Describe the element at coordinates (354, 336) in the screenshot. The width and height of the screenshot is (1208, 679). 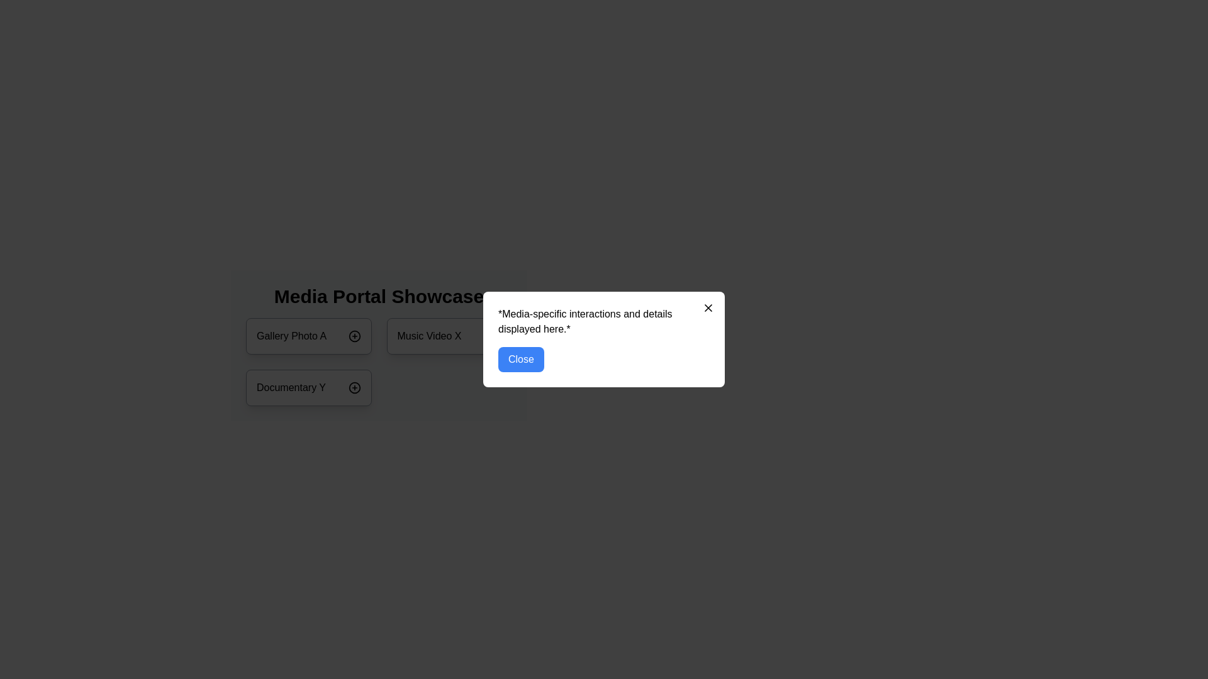
I see `the circular graphic located in the upper-right section of the button labeled 'Gallery Photo A' for further interaction` at that location.